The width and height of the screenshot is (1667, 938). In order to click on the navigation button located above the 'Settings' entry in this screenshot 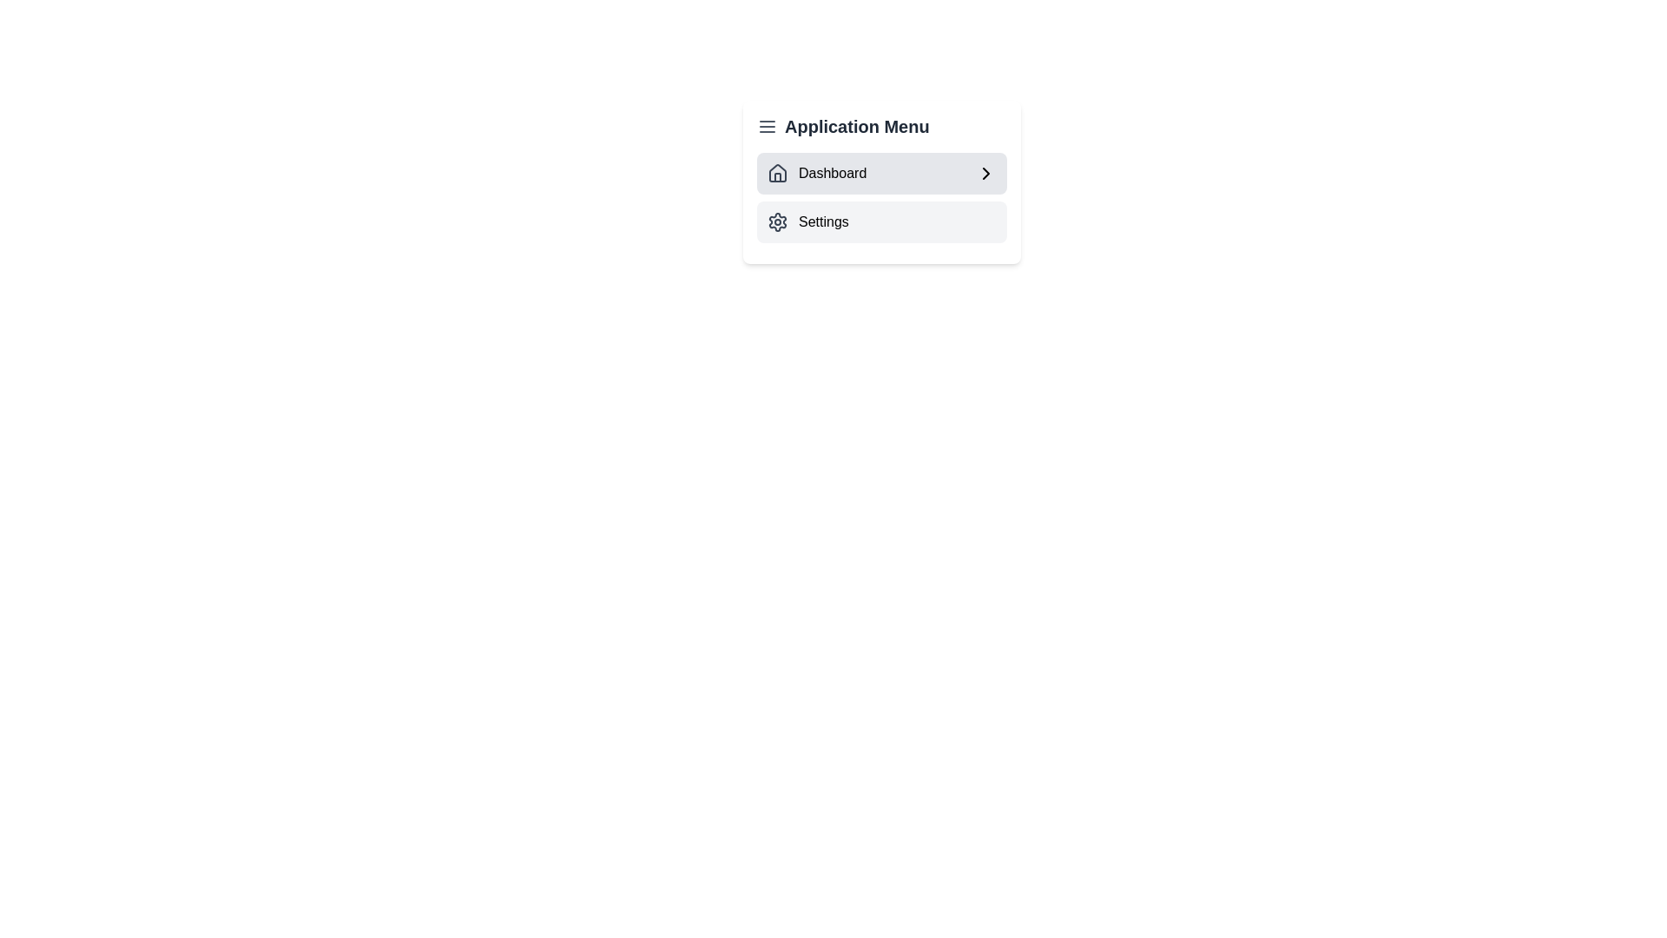, I will do `click(882, 174)`.